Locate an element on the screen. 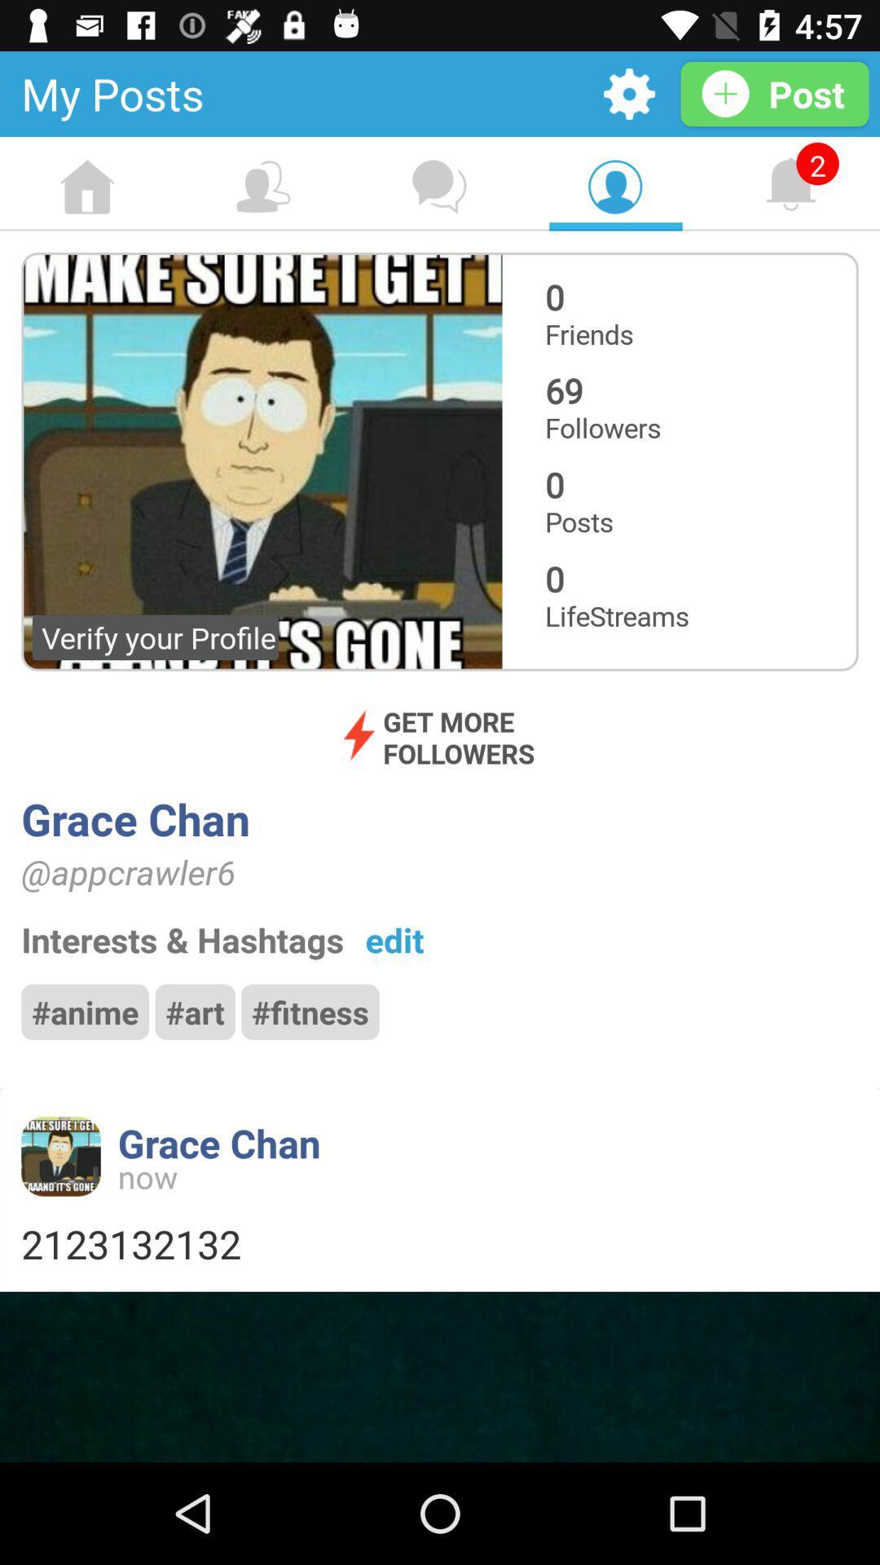  the 2nd icon from left just below text my posts is located at coordinates (262, 187).